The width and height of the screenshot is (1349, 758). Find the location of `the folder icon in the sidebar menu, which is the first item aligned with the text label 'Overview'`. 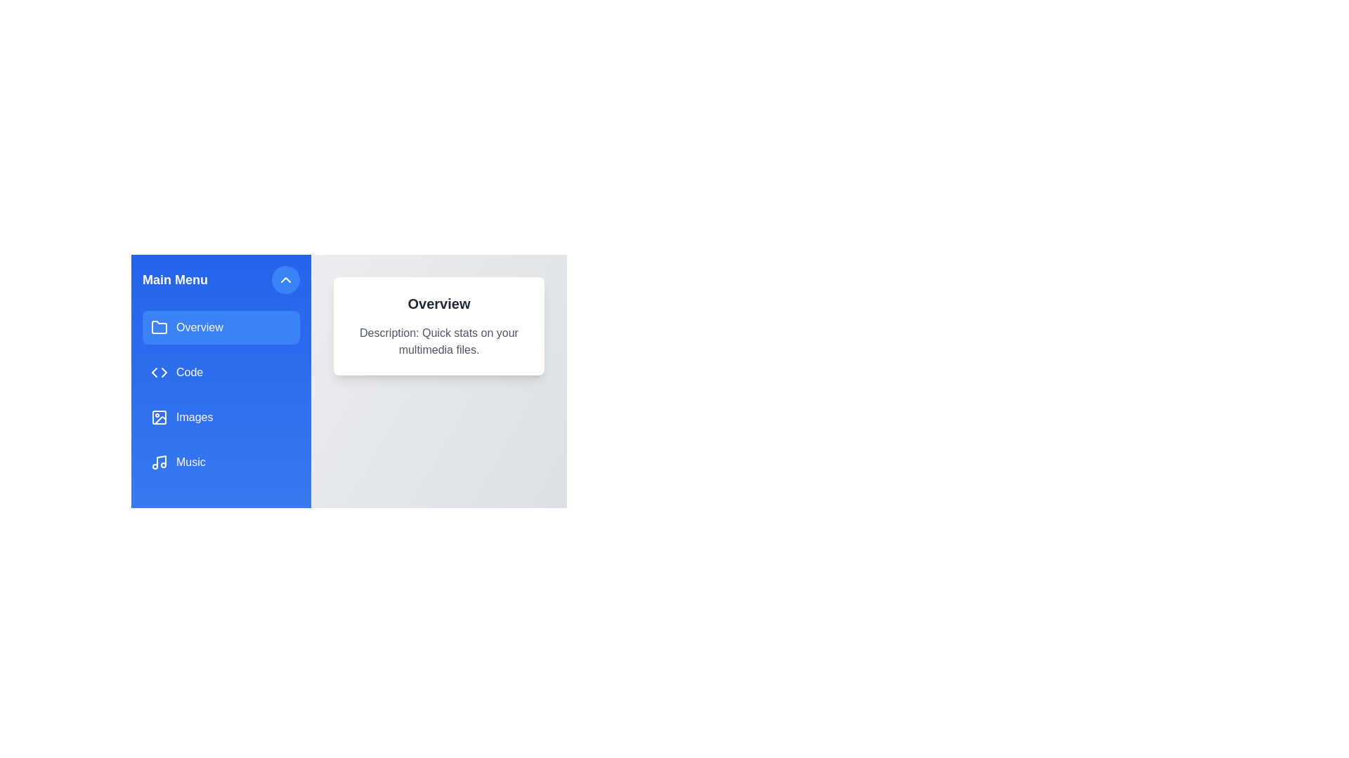

the folder icon in the sidebar menu, which is the first item aligned with the text label 'Overview' is located at coordinates (159, 327).